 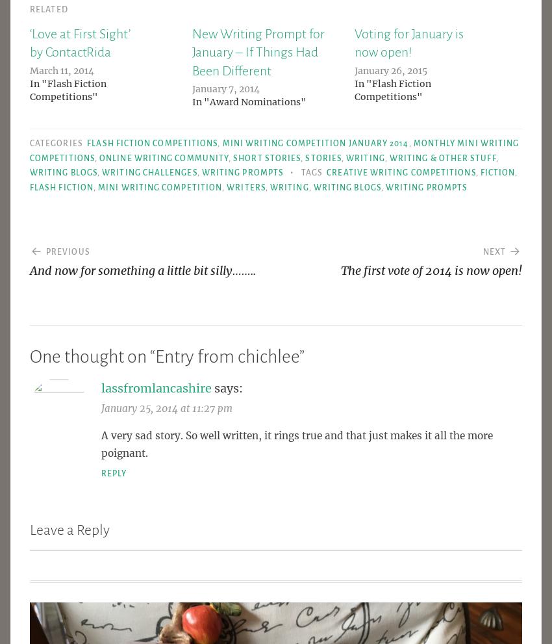 I want to click on 'lassfromlancashire', so click(x=156, y=388).